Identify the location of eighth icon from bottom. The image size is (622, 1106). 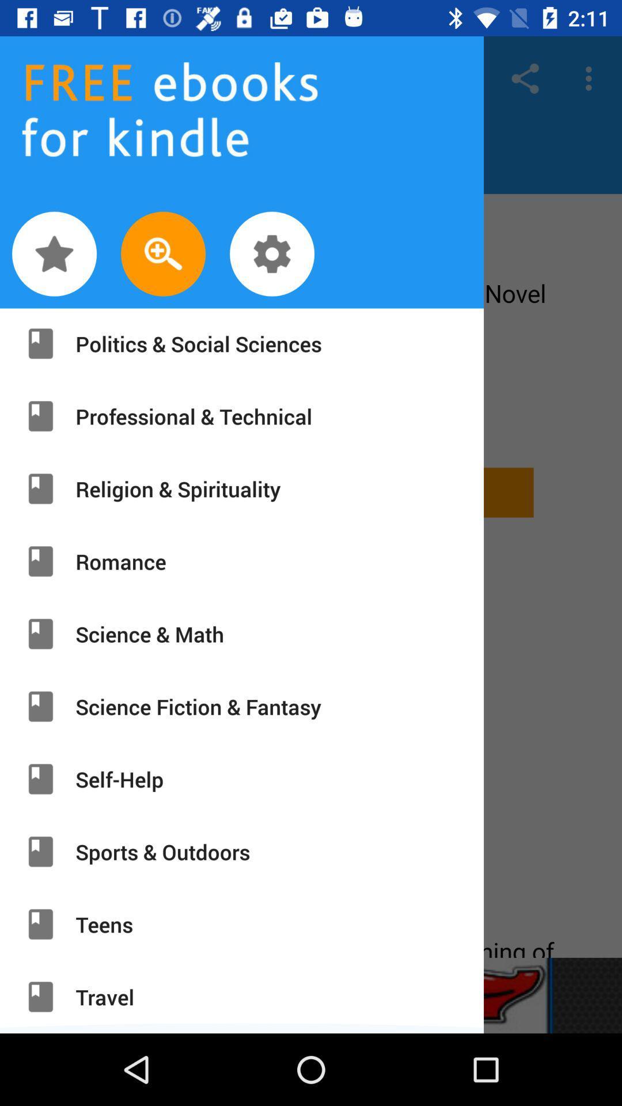
(40, 489).